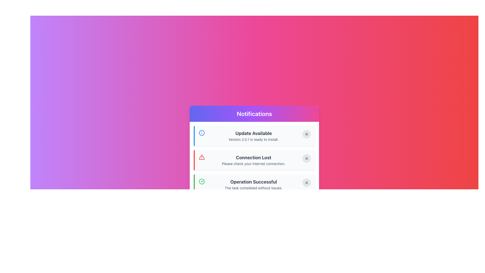  Describe the element at coordinates (306, 158) in the screenshot. I see `the circular button with a light gray background and a dark gray 'X' icon, located on the right side of the 'Connection Lost - Please check your internet connection.' notification block to observe styling changes` at that location.